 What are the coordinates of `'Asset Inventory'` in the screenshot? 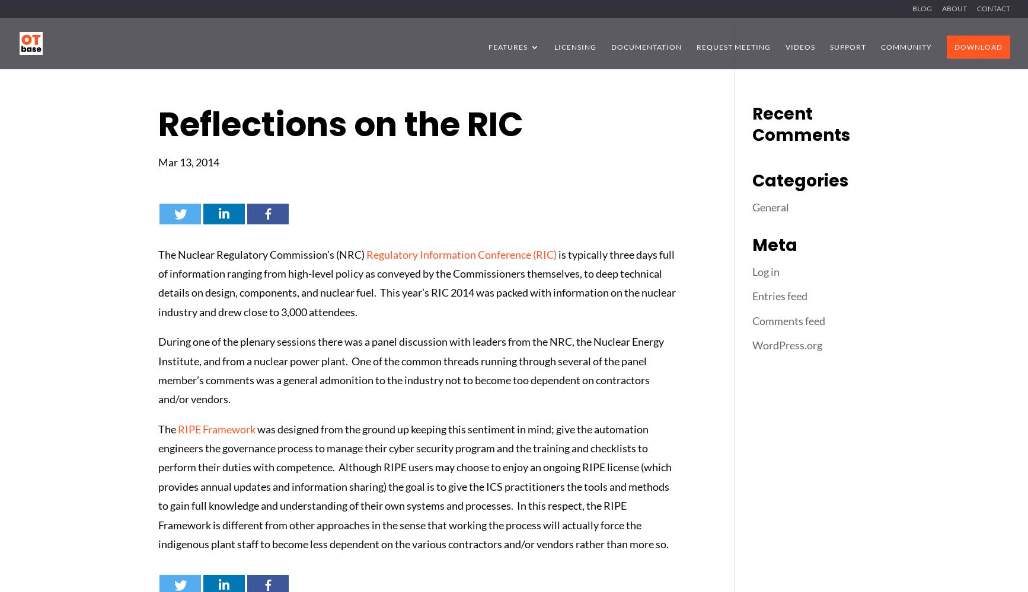 It's located at (548, 117).